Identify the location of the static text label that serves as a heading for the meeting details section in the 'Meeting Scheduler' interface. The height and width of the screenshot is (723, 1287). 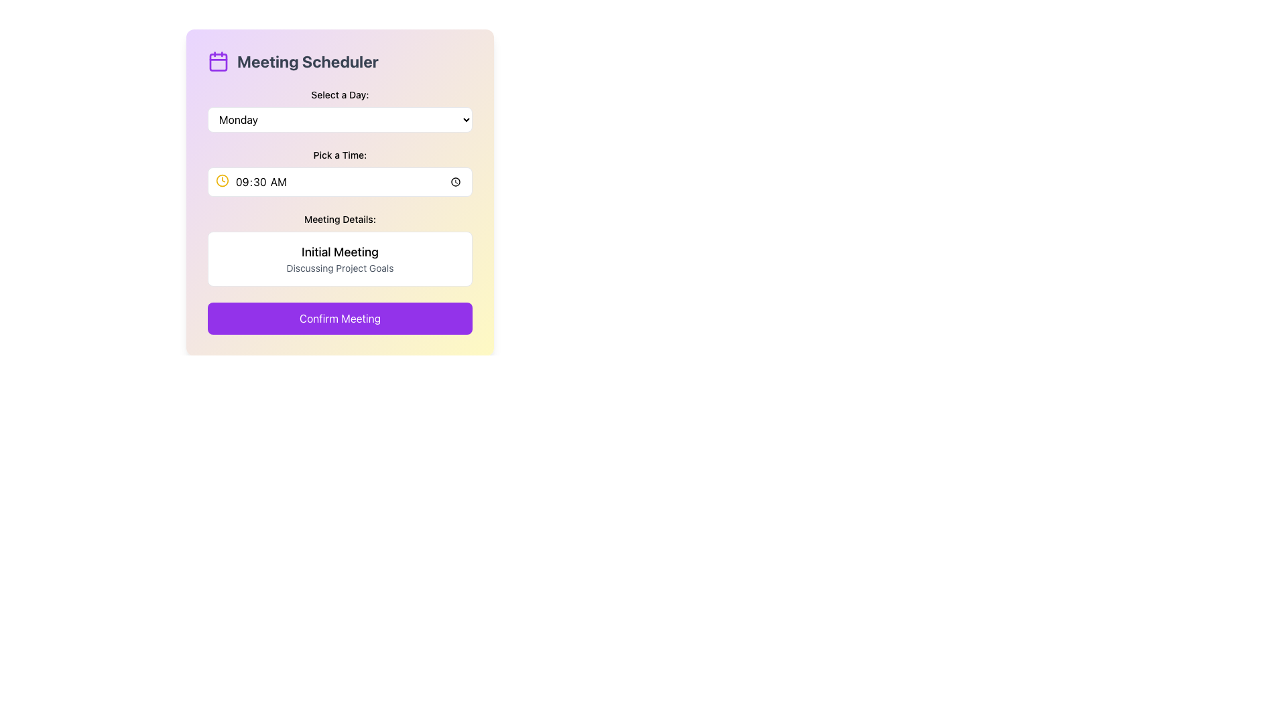
(340, 218).